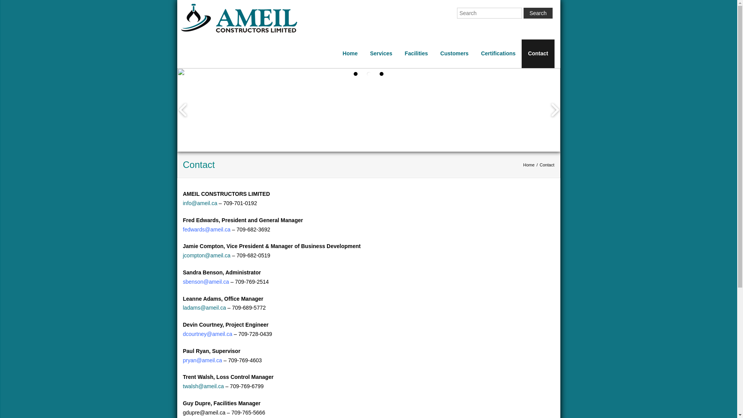 This screenshot has width=743, height=418. I want to click on 'Customers', so click(454, 53).